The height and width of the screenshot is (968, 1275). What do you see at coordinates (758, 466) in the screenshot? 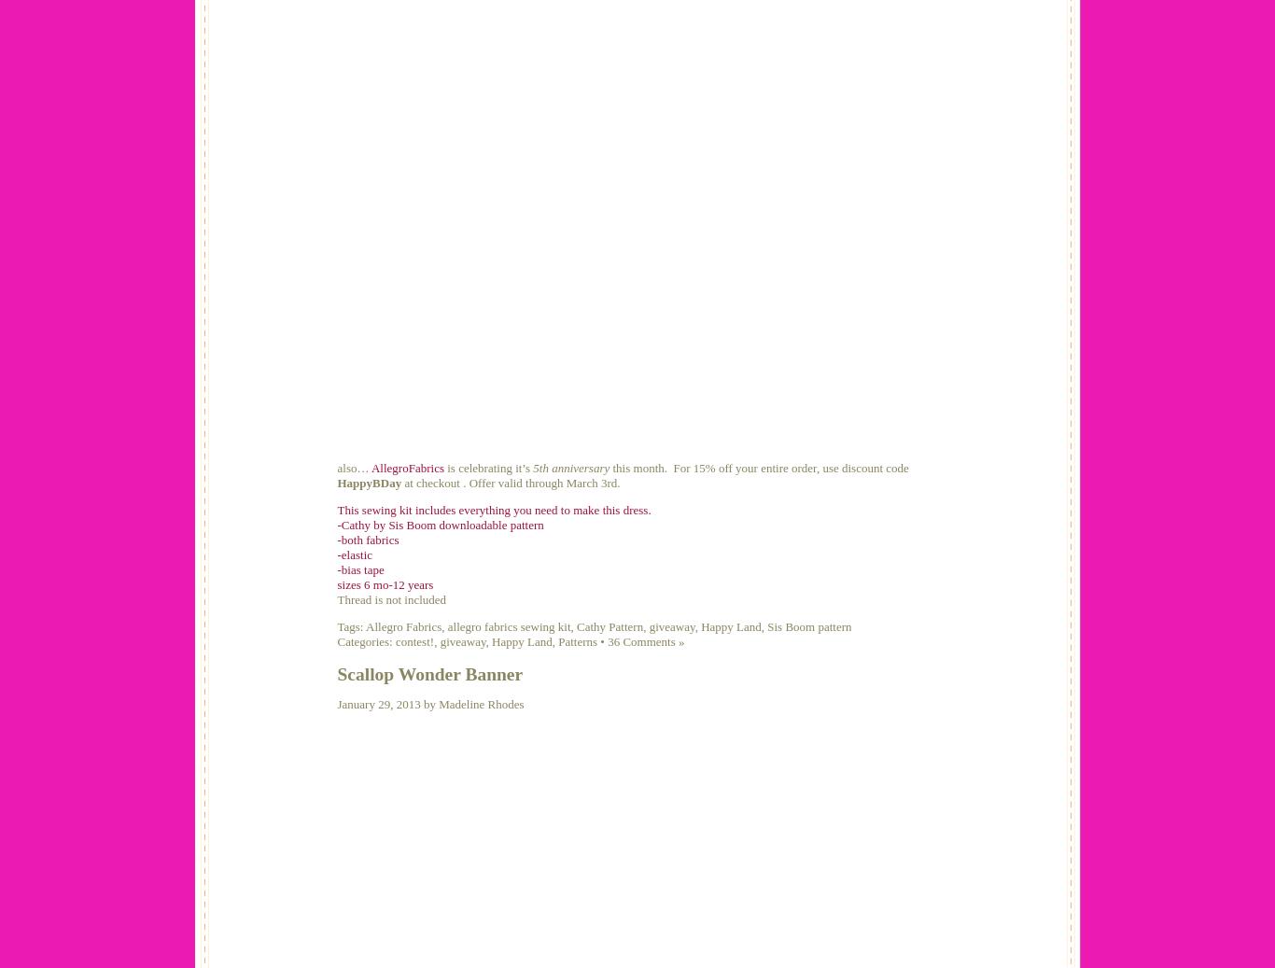
I see `'this month.  For 15% off your entire order, use discount code'` at bounding box center [758, 466].